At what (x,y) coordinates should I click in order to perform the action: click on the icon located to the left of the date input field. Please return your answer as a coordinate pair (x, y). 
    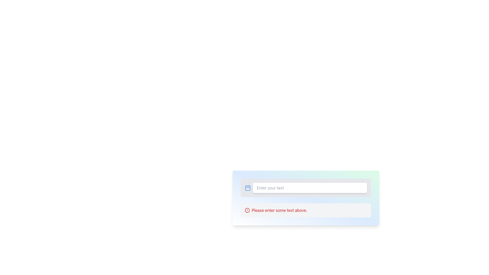
    Looking at the image, I should click on (248, 188).